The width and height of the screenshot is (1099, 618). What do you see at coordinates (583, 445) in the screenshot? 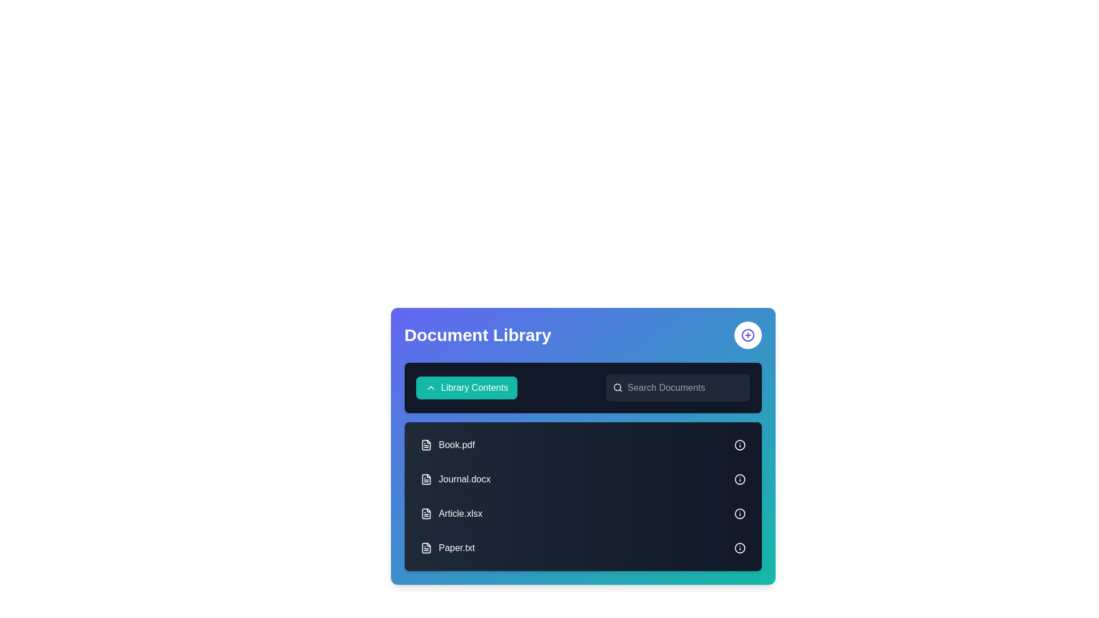
I see `the first list item displaying 'Book.pdf'` at bounding box center [583, 445].